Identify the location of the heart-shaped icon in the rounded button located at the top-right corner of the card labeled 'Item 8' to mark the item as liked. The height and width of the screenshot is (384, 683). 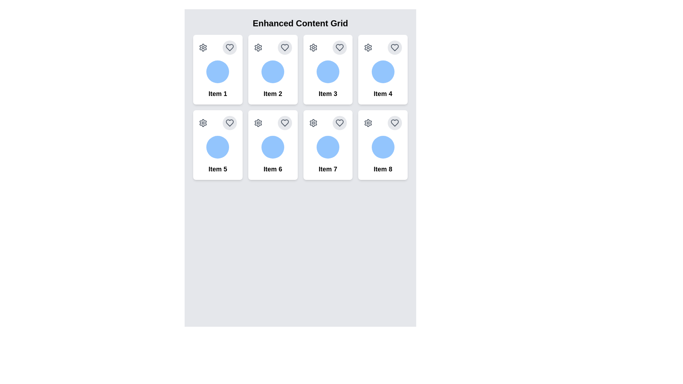
(394, 123).